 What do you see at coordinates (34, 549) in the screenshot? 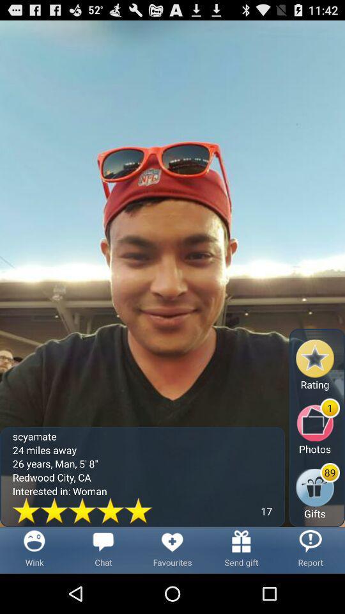
I see `the wink` at bounding box center [34, 549].